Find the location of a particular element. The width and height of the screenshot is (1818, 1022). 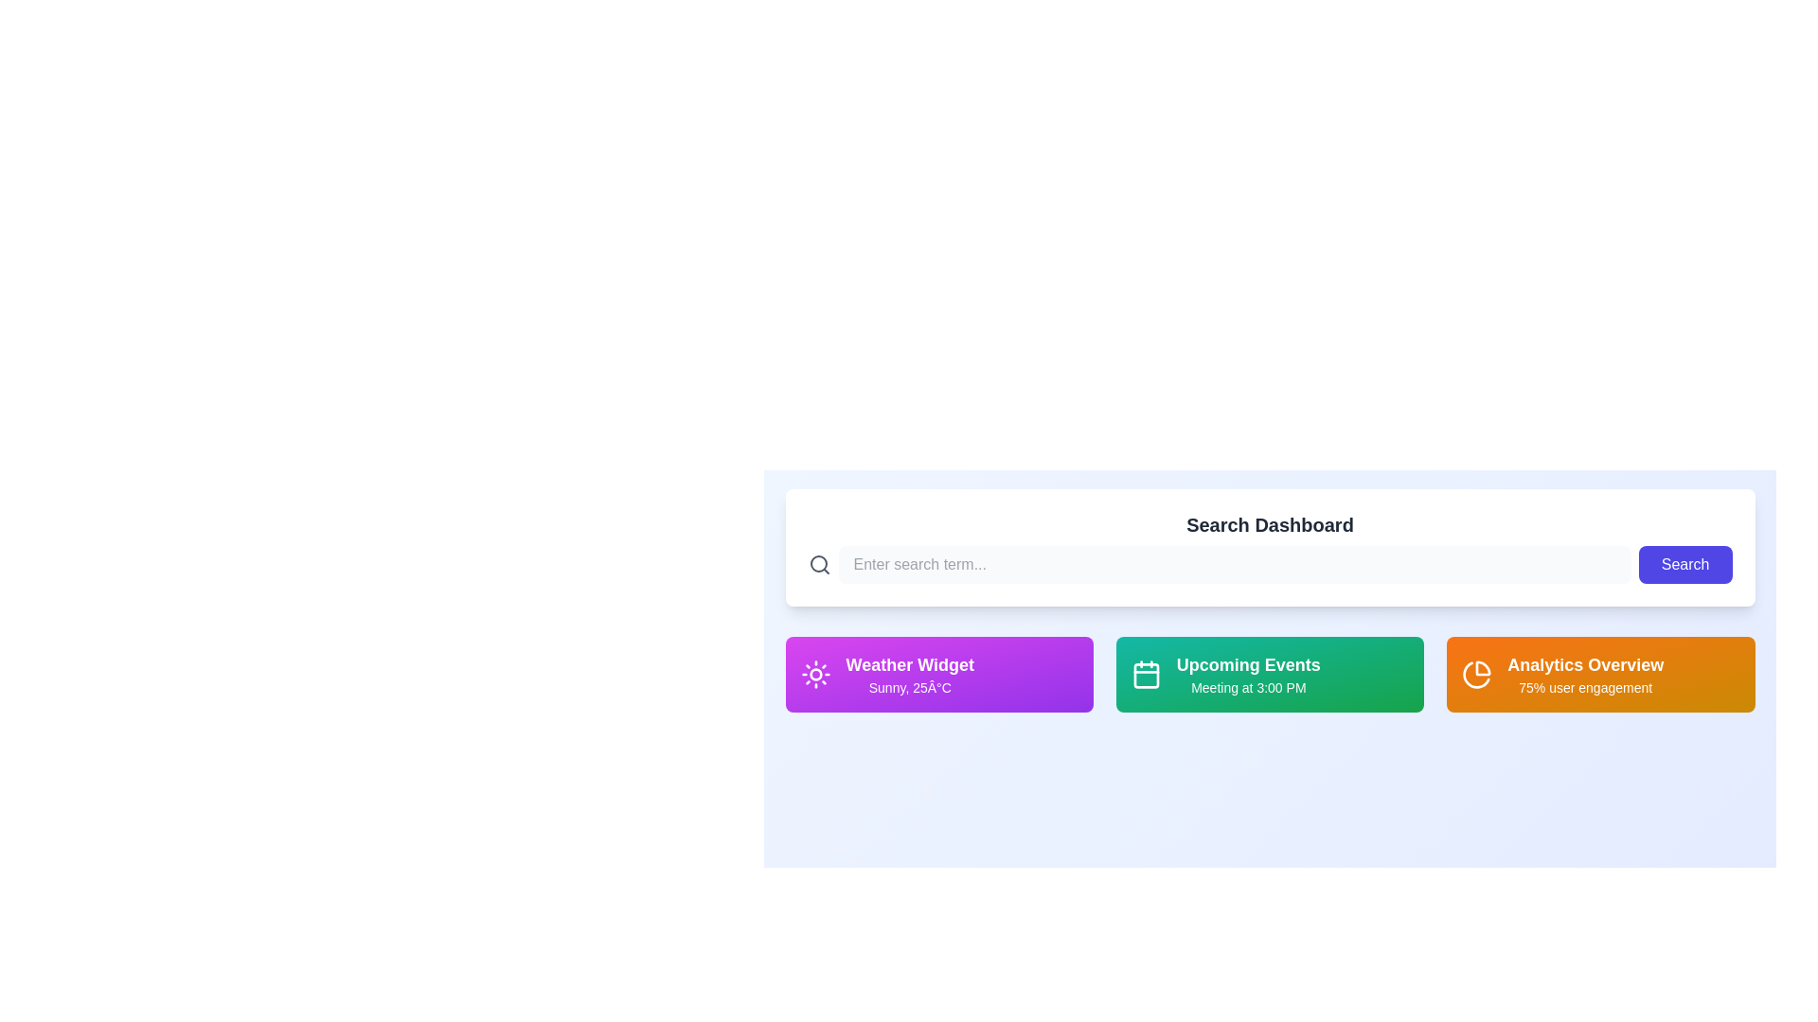

the informational text label displaying '75% user engagement' located within the orange card labeled 'Analytics Overview', positioned just below the main heading is located at coordinates (1585, 687).